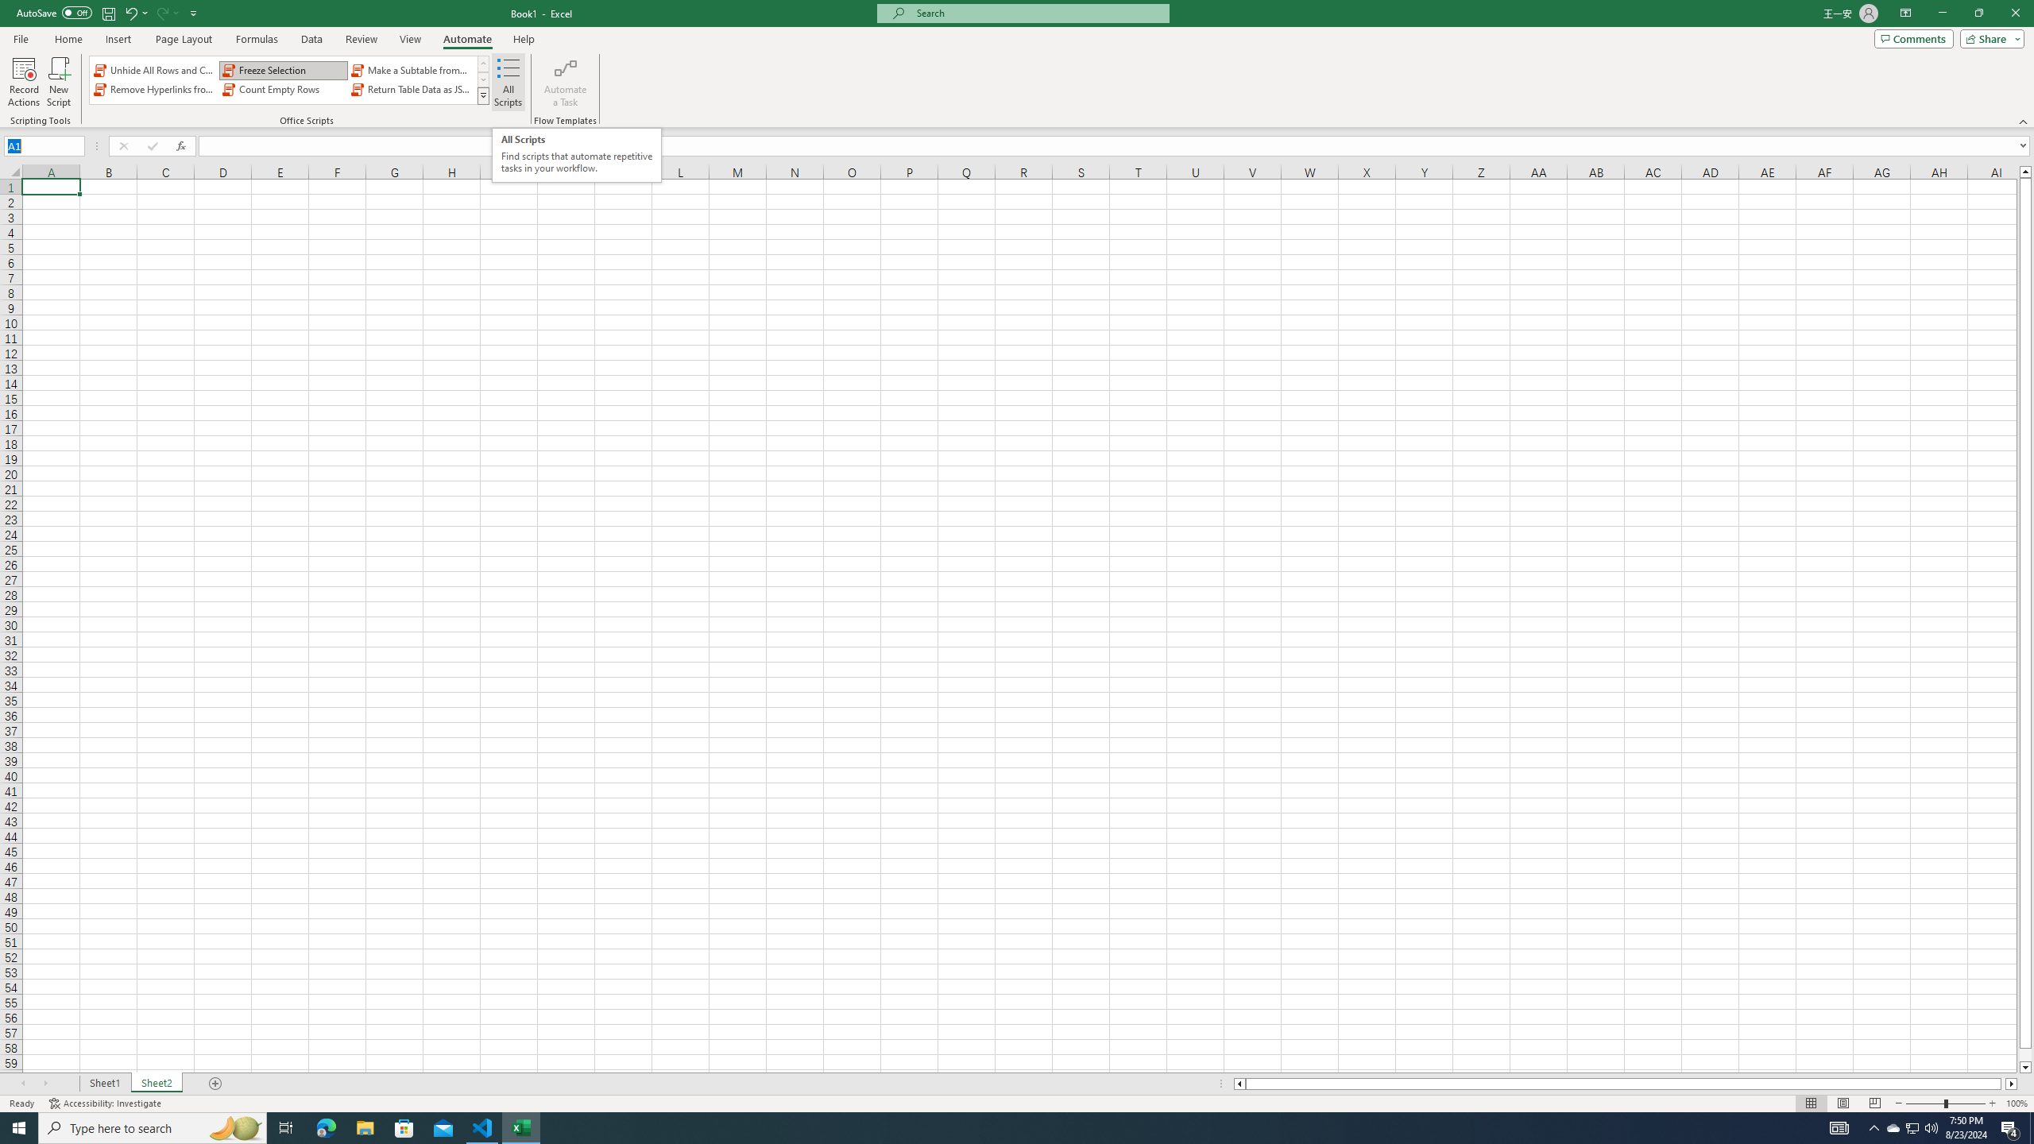  I want to click on 'Insert', so click(117, 39).